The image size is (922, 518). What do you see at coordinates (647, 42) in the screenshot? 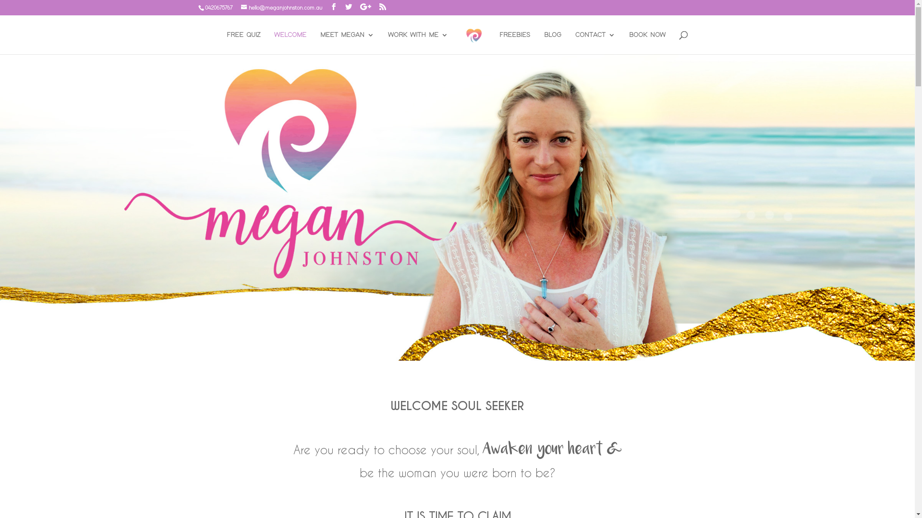
I see `'BOOK NOW'` at bounding box center [647, 42].